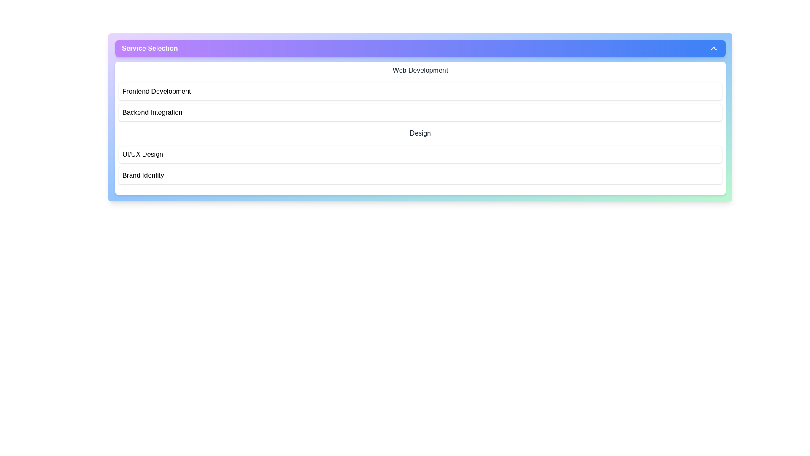 The width and height of the screenshot is (810, 456). I want to click on the 'UI/UX Design' button, which is the first selectable item in the 'Design' group located beneath the 'Backend Integration' section, so click(420, 155).